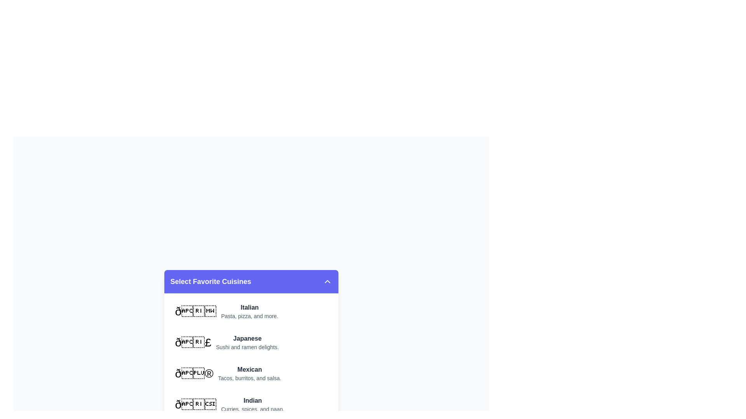 The image size is (746, 419). What do you see at coordinates (228, 373) in the screenshot?
I see `the 'Mexican' label in the dropdown menu titled 'Select Favorite Cuisines'` at bounding box center [228, 373].